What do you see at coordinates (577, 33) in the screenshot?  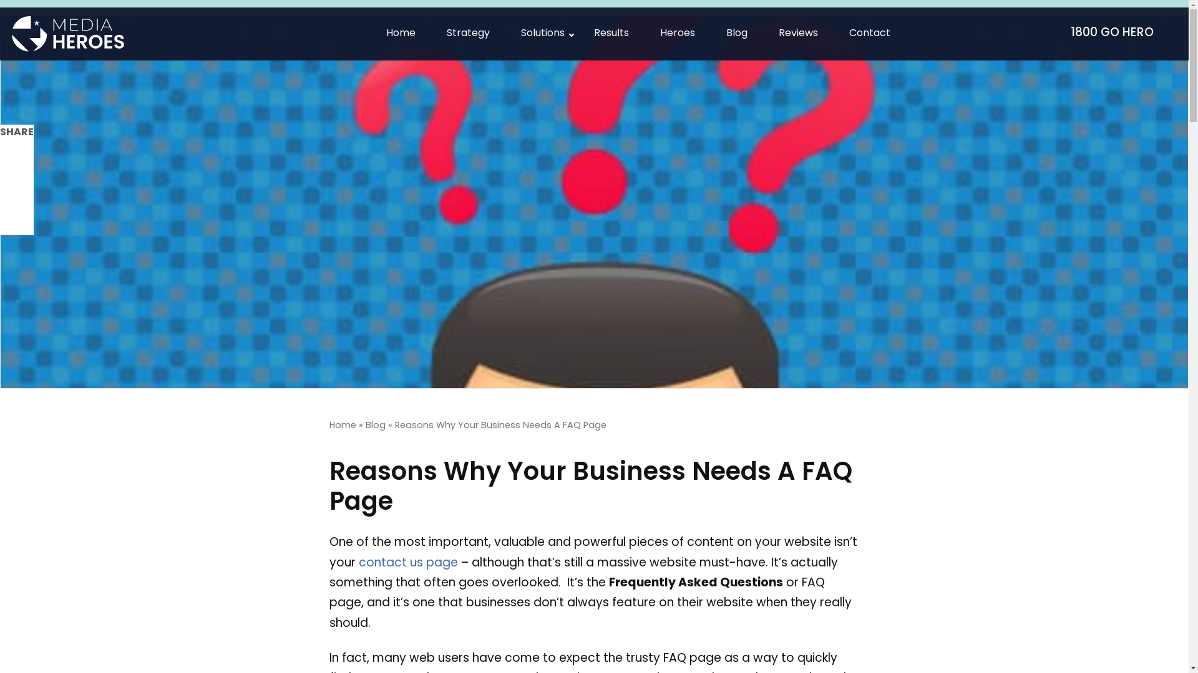 I see `'Results'` at bounding box center [577, 33].